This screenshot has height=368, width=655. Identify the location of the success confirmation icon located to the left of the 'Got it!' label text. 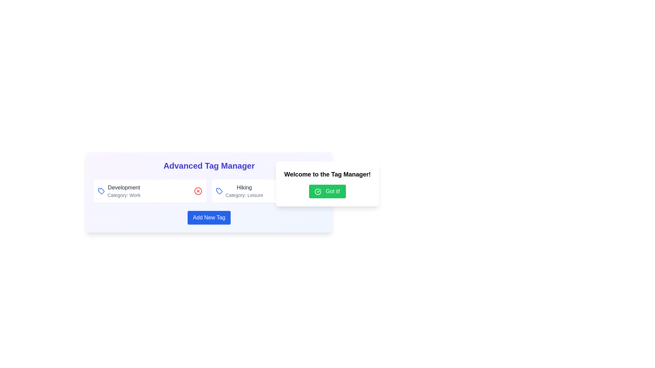
(318, 191).